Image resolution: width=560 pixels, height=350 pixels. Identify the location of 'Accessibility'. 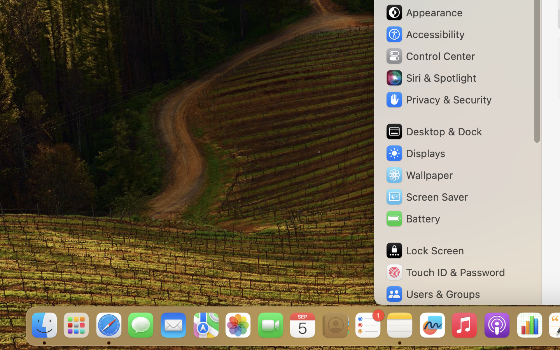
(424, 34).